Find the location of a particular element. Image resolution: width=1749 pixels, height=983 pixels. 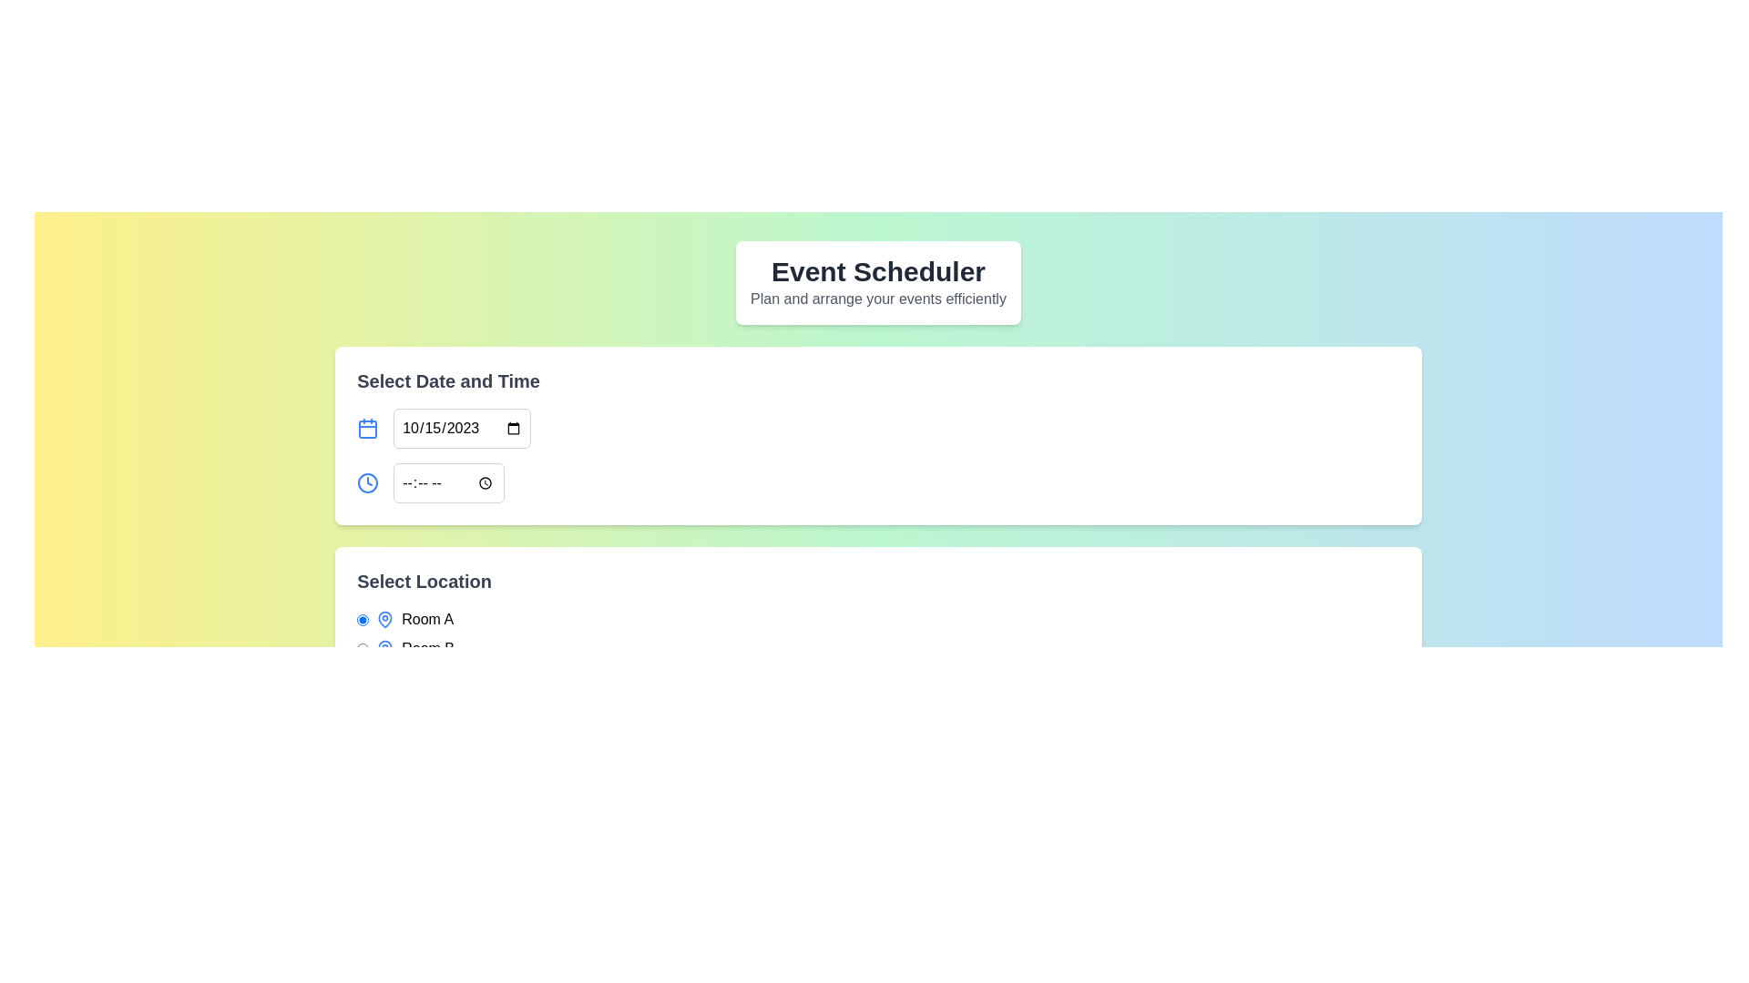

the text label indicating the name of a location is located at coordinates (426, 619).